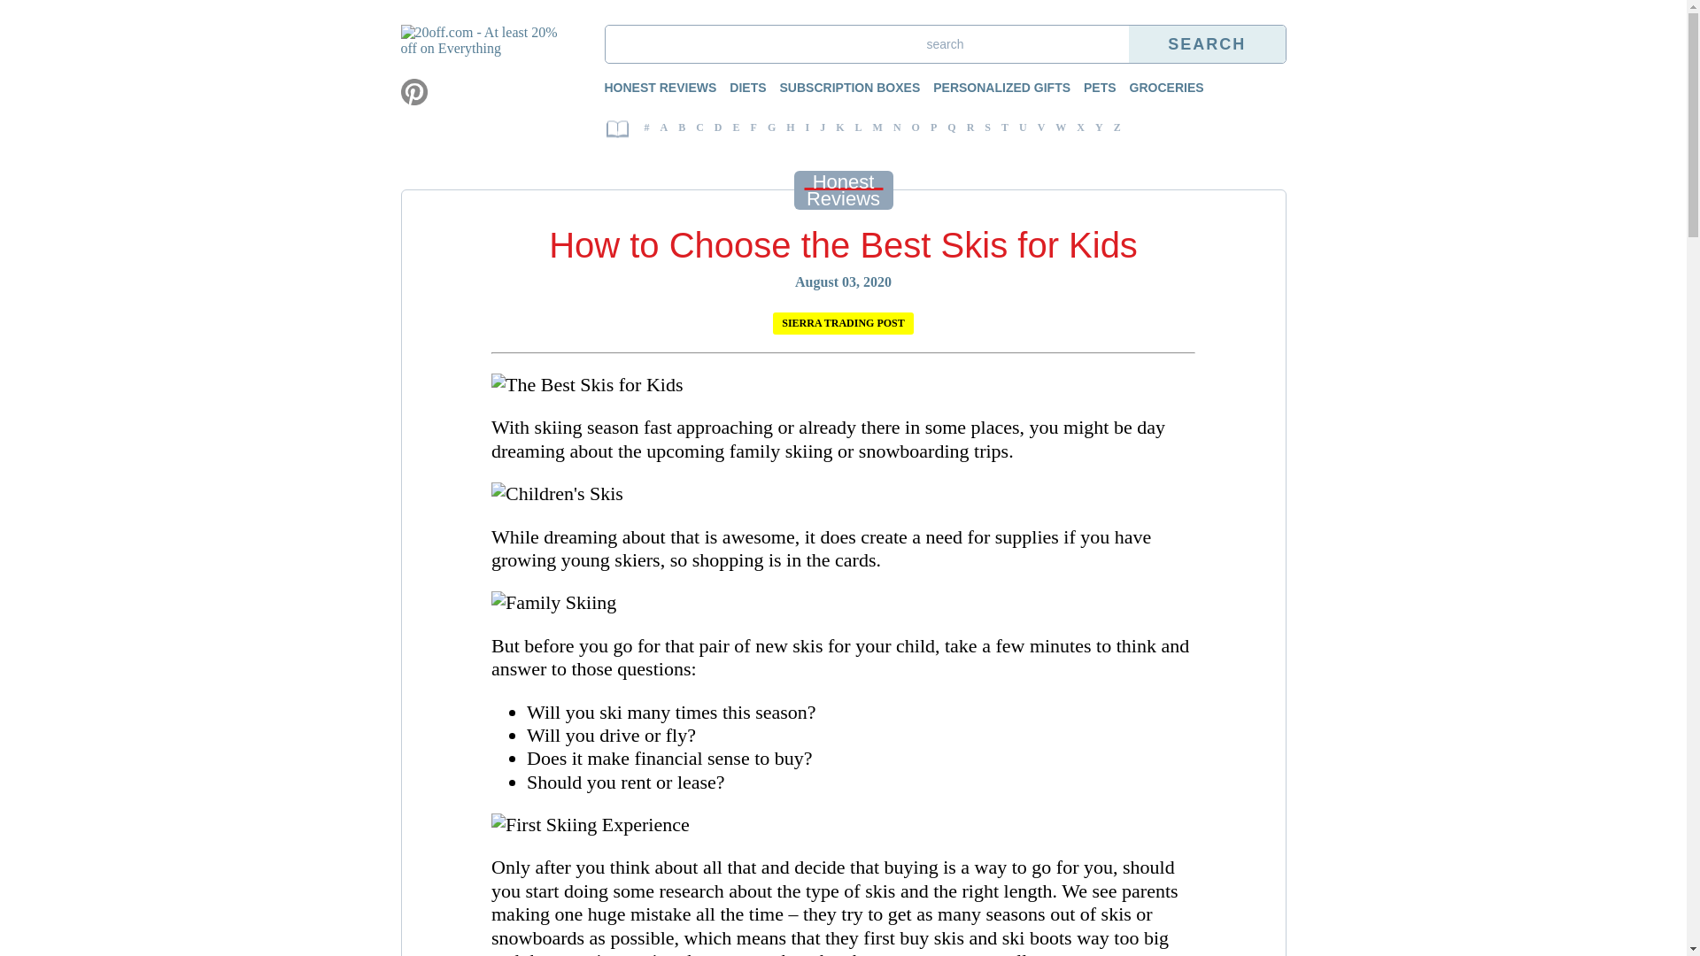 This screenshot has height=956, width=1700. Describe the element at coordinates (897, 127) in the screenshot. I see `'N'` at that location.